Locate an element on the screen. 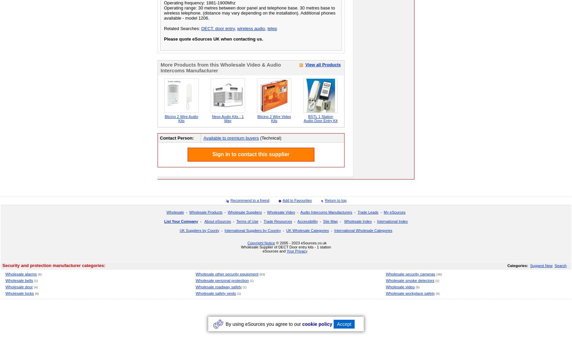 This screenshot has width=572, height=338. 'International Wholesale Categories' is located at coordinates (363, 230).